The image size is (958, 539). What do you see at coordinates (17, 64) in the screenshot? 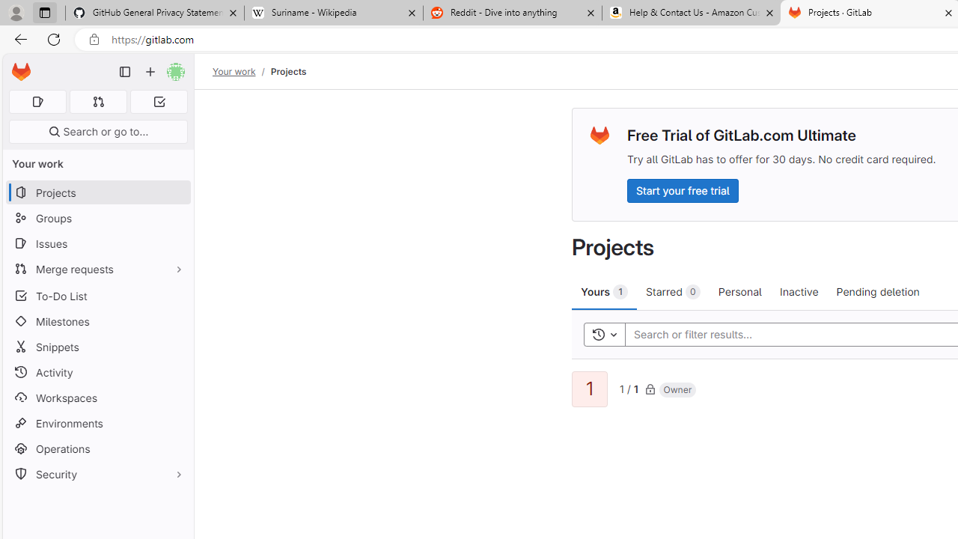
I see `'Skip to main content'` at bounding box center [17, 64].